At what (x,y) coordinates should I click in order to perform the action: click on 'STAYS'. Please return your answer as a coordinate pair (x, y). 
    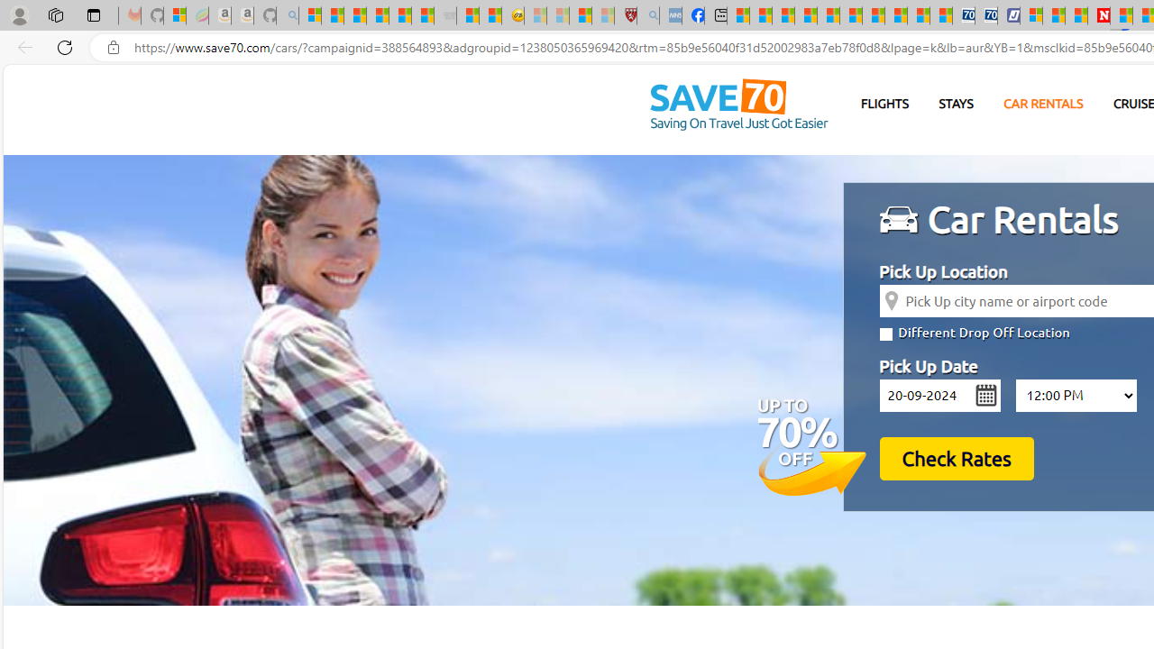
    Looking at the image, I should click on (955, 104).